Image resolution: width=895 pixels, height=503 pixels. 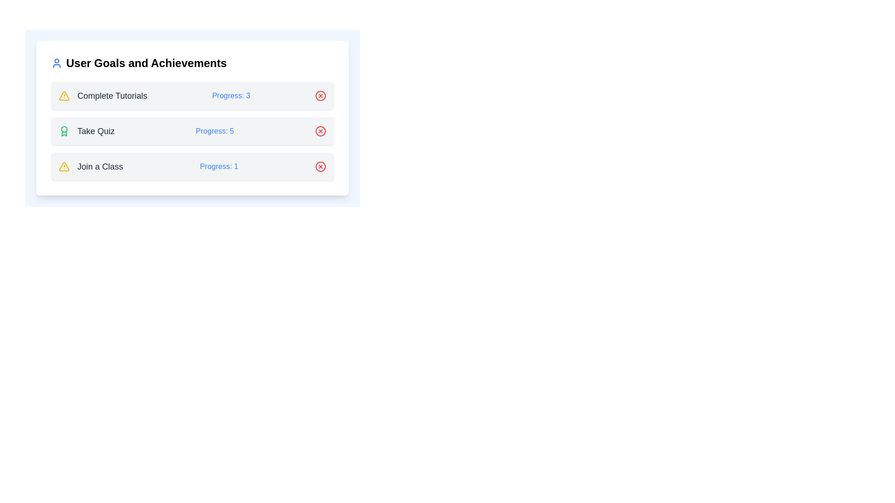 I want to click on the informational text label presenting the progress status of 3 related to tutorial completion, located in the 'Complete Tutorials' section, so click(x=231, y=95).